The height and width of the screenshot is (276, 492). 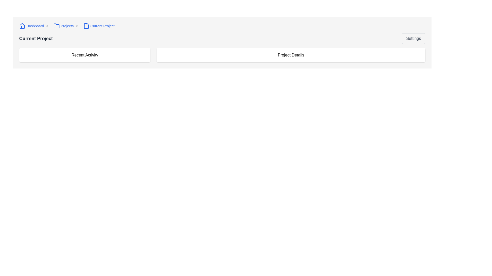 I want to click on the 'Current Project' text label, which is a bold, large font styled element in dark gray color located towards the upper-left portion of the page, below a breadcrumb navigation area, so click(x=36, y=38).